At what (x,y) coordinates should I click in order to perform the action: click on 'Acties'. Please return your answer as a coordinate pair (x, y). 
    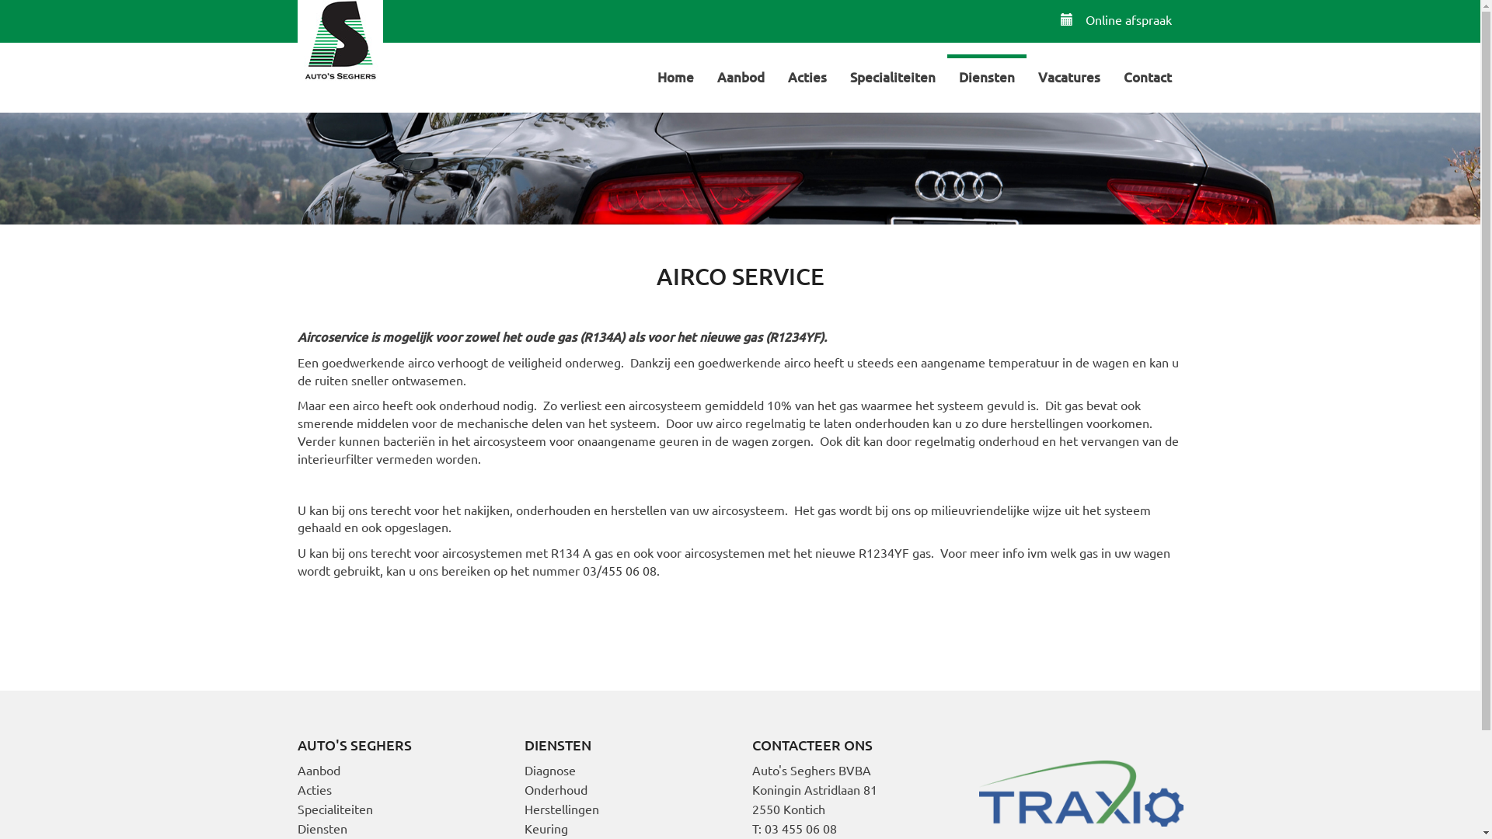
    Looking at the image, I should click on (806, 75).